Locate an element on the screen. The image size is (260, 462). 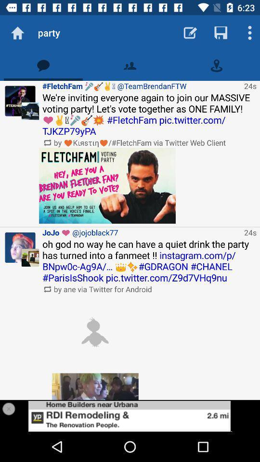
the image contains an advertisement is located at coordinates (130, 415).